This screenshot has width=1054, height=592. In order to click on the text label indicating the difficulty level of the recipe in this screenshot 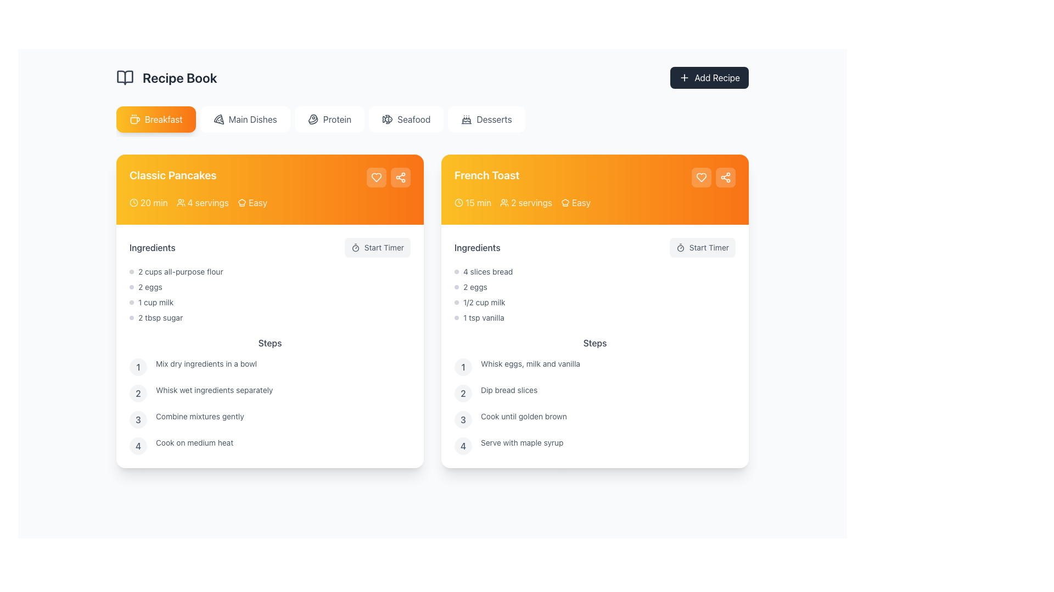, I will do `click(257, 203)`.